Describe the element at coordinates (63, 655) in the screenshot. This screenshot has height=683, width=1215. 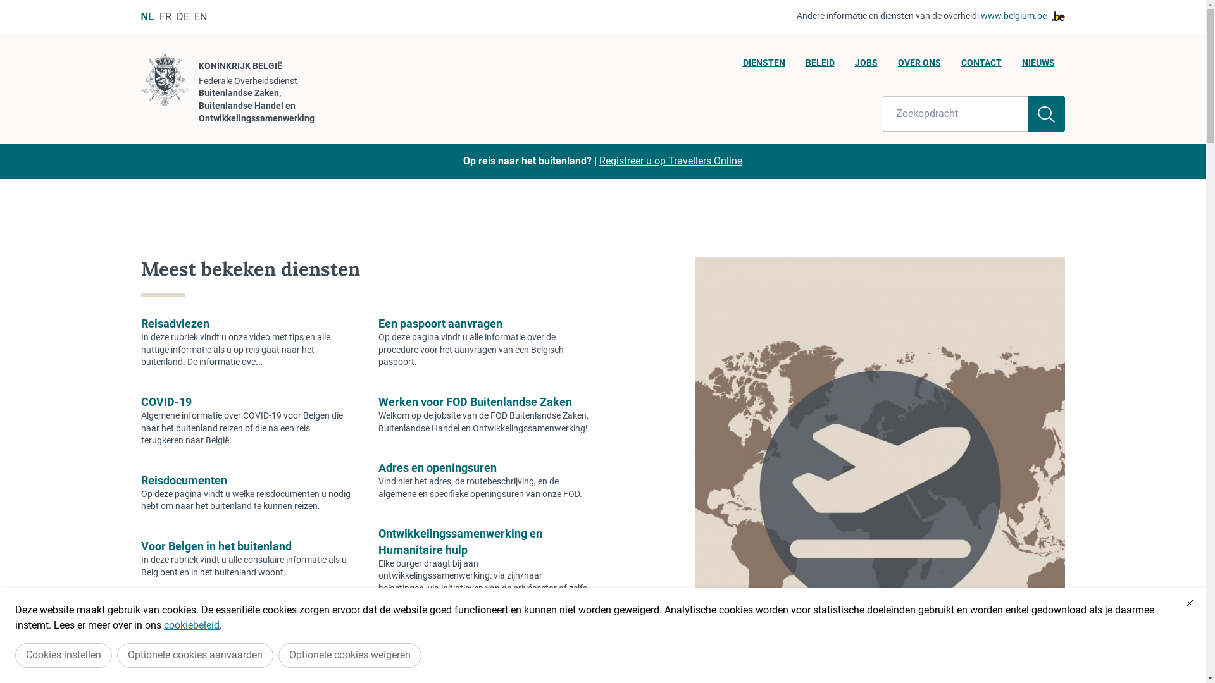
I see `'Cookies instellen'` at that location.